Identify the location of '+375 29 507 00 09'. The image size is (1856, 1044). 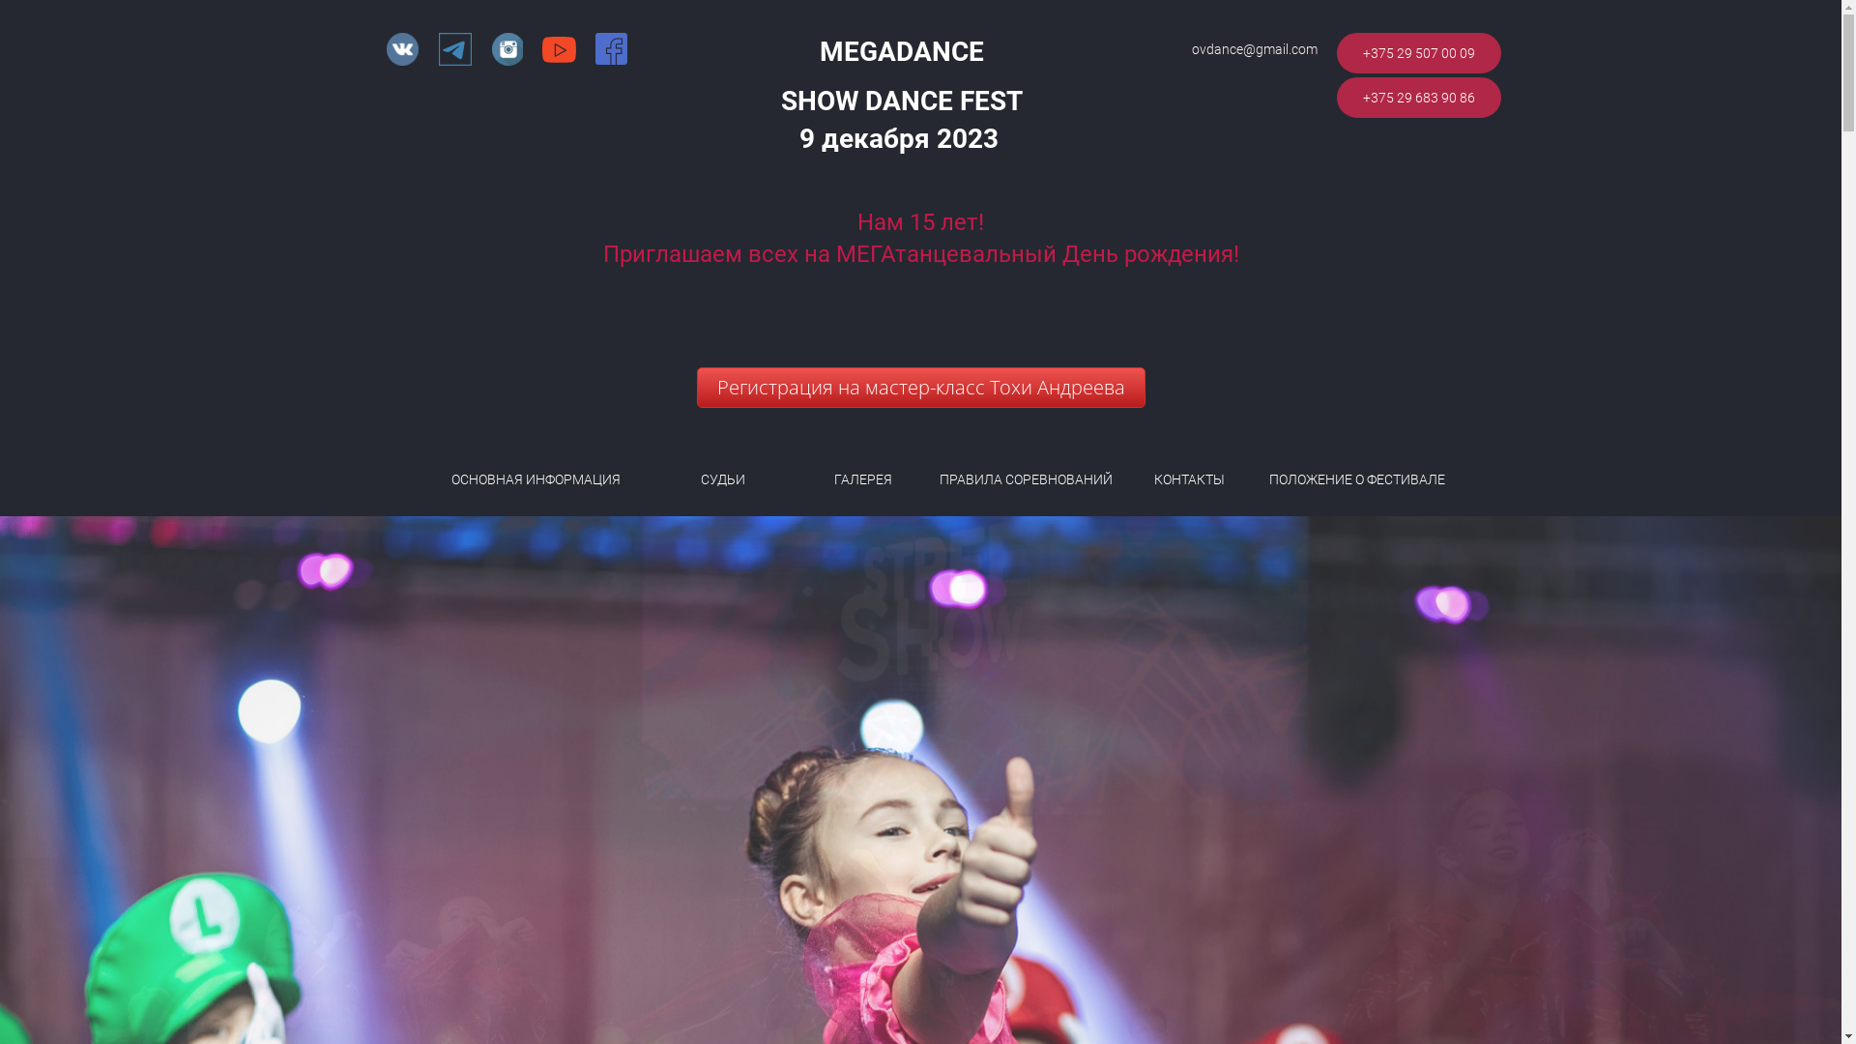
(1419, 51).